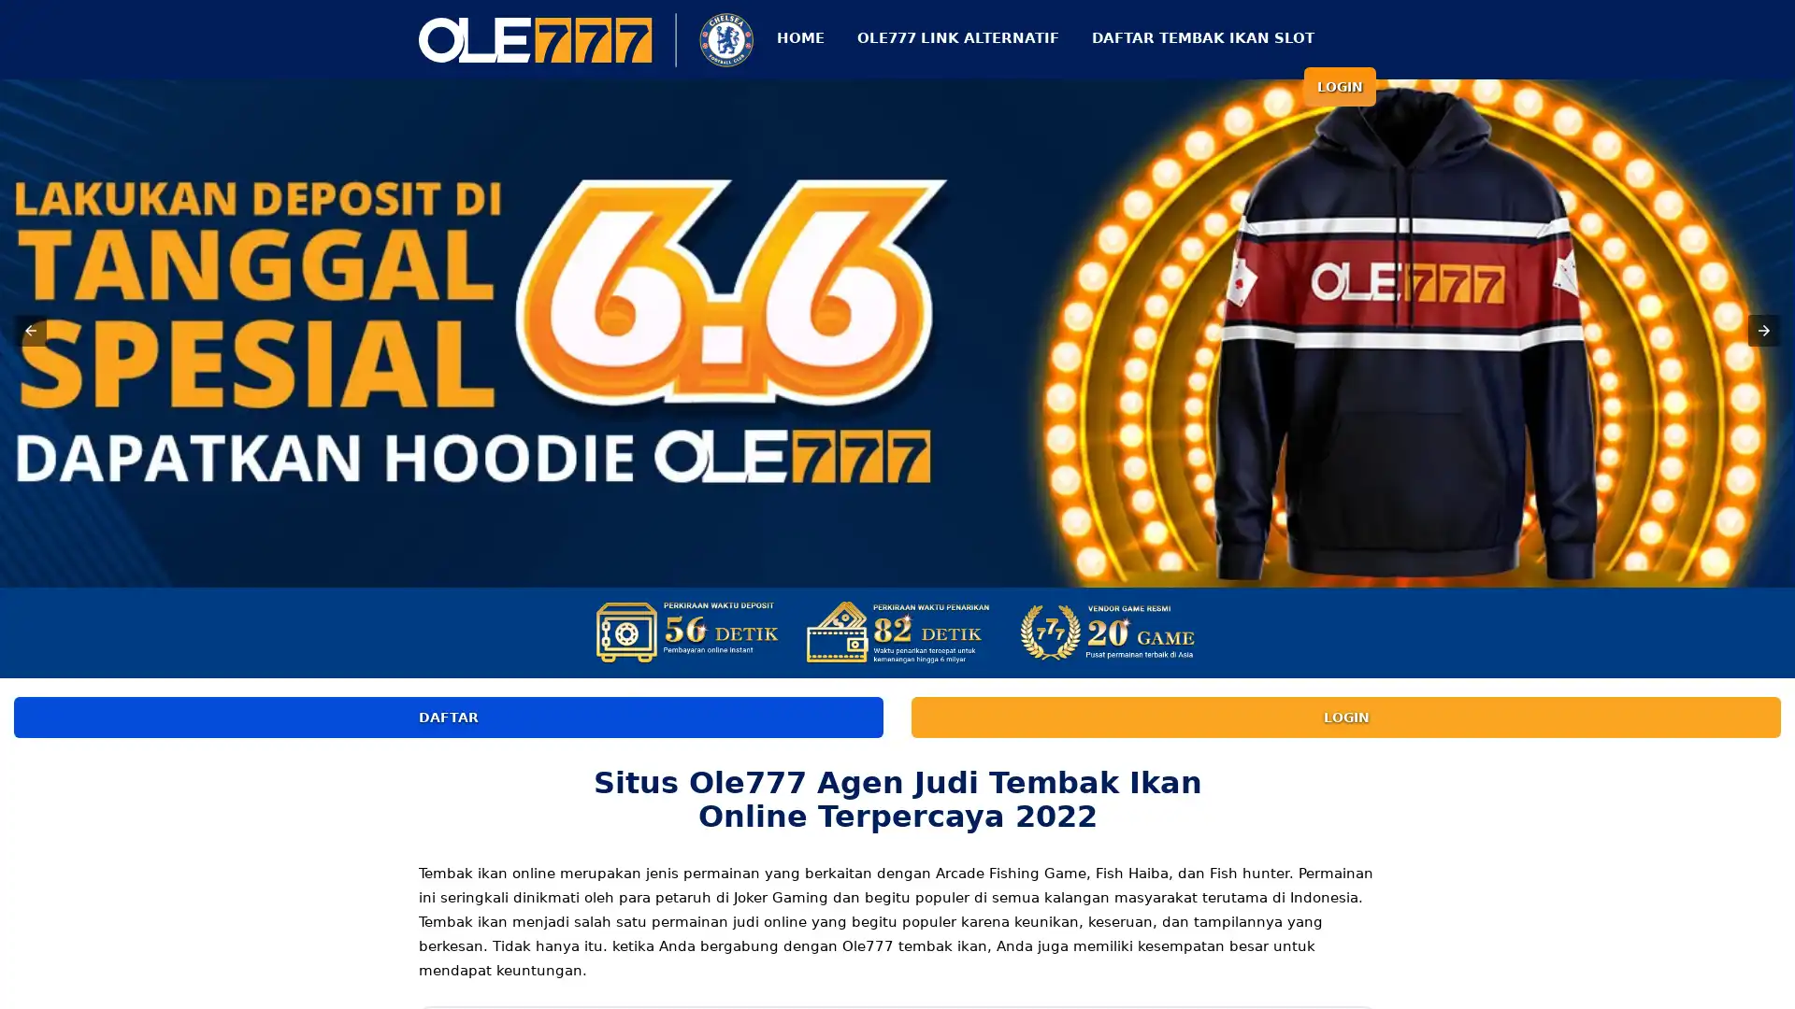  Describe the element at coordinates (31, 330) in the screenshot. I see `Previous item in carousel (2 of 3)` at that location.